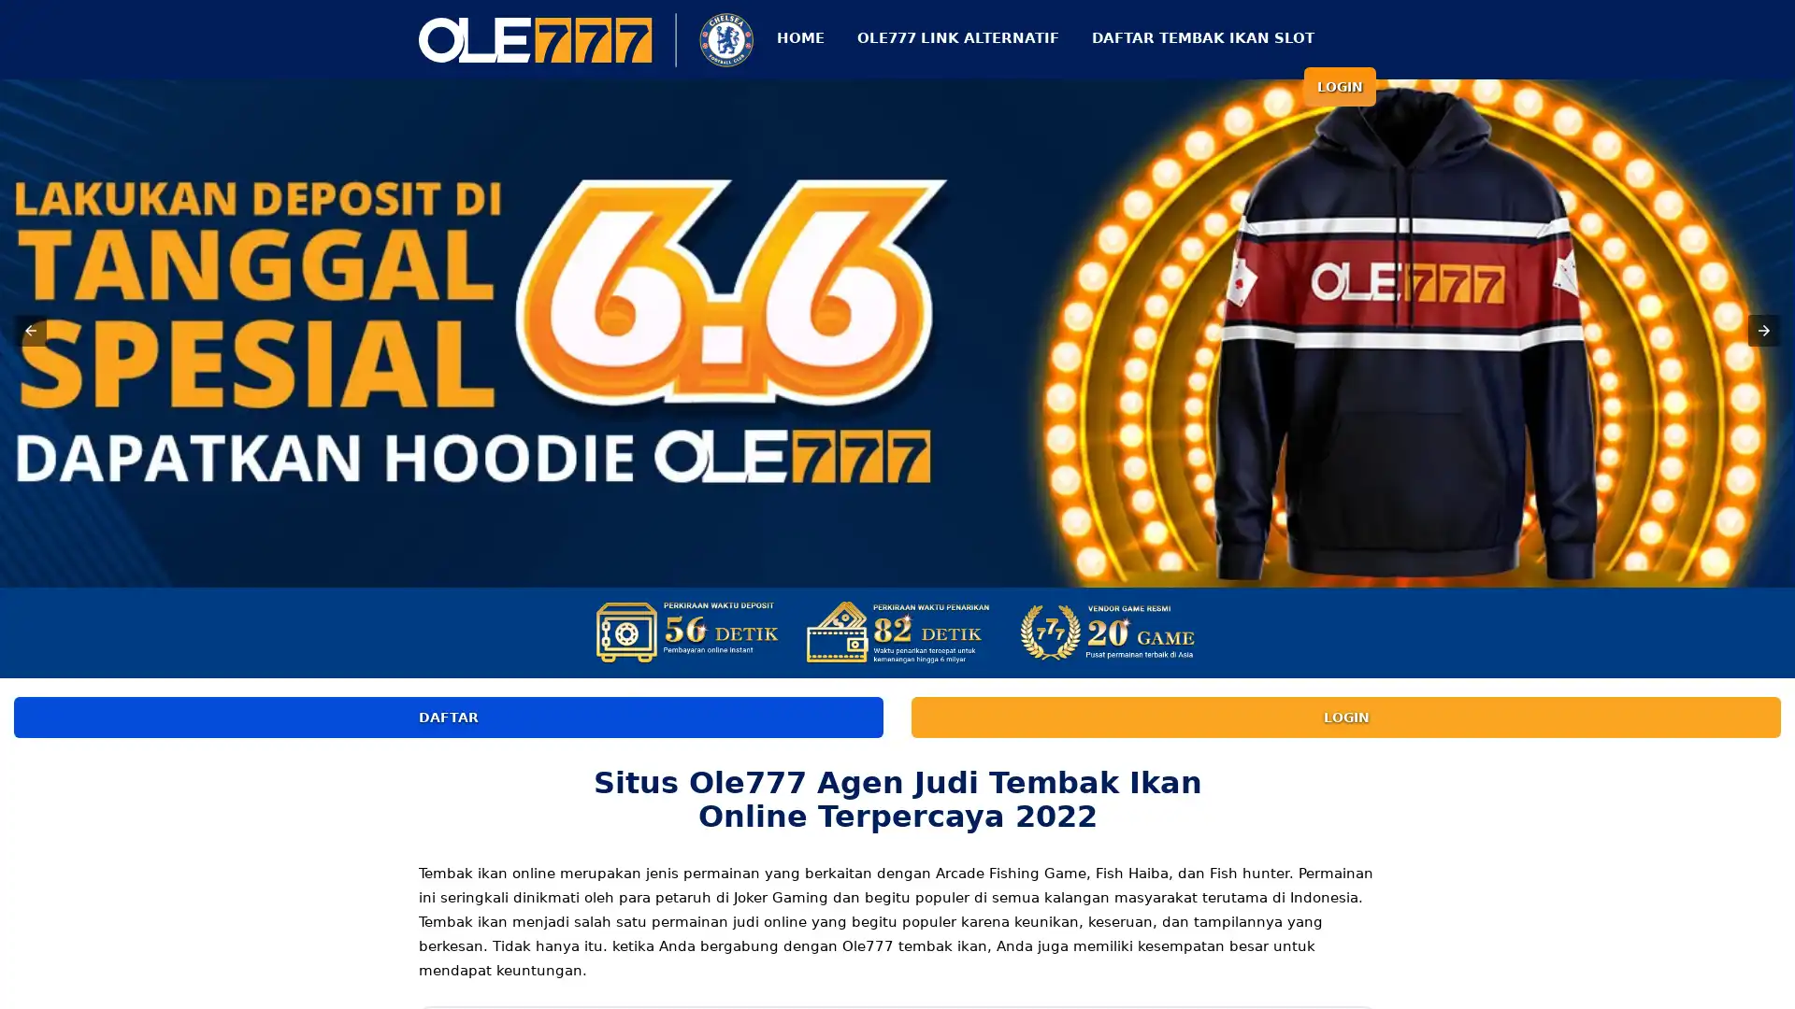  Describe the element at coordinates (31, 330) in the screenshot. I see `Previous item in carousel (2 of 3)` at that location.